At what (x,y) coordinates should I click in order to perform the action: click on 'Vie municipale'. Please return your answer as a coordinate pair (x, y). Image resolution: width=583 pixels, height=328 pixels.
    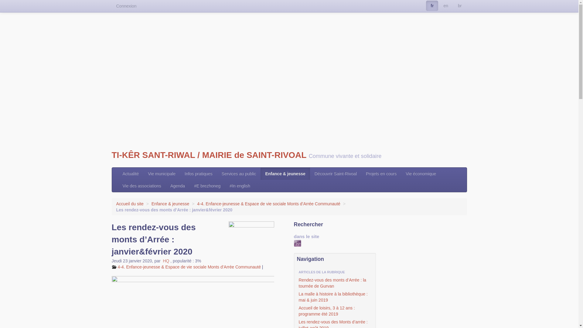
    Looking at the image, I should click on (162, 173).